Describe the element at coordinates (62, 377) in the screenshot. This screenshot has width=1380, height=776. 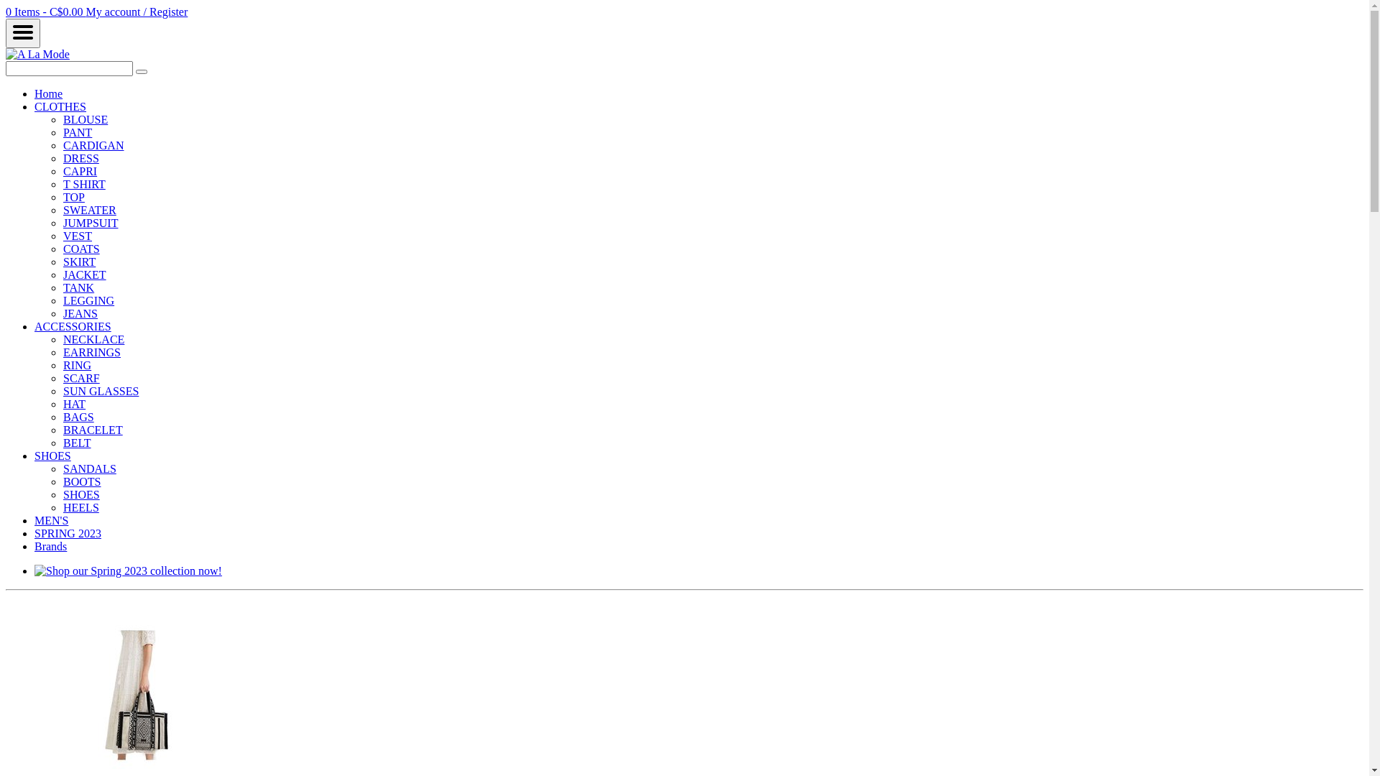
I see `'SCARF'` at that location.